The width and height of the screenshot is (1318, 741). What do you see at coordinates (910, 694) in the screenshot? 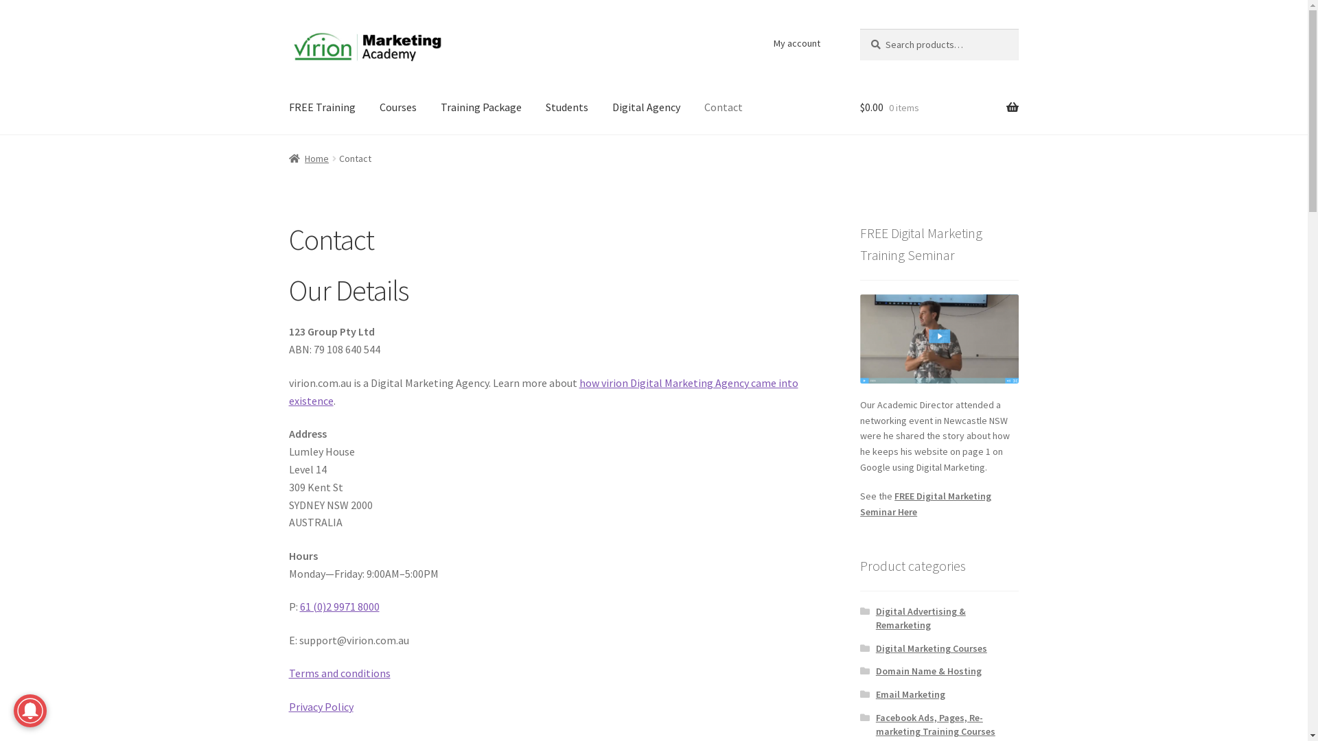
I see `'Email Marketing'` at bounding box center [910, 694].